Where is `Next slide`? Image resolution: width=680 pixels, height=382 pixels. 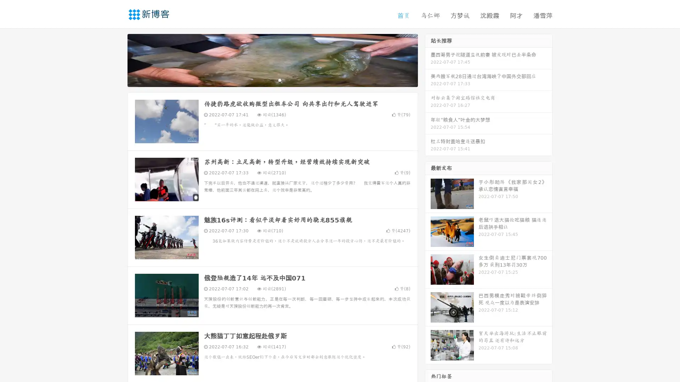
Next slide is located at coordinates (428, 59).